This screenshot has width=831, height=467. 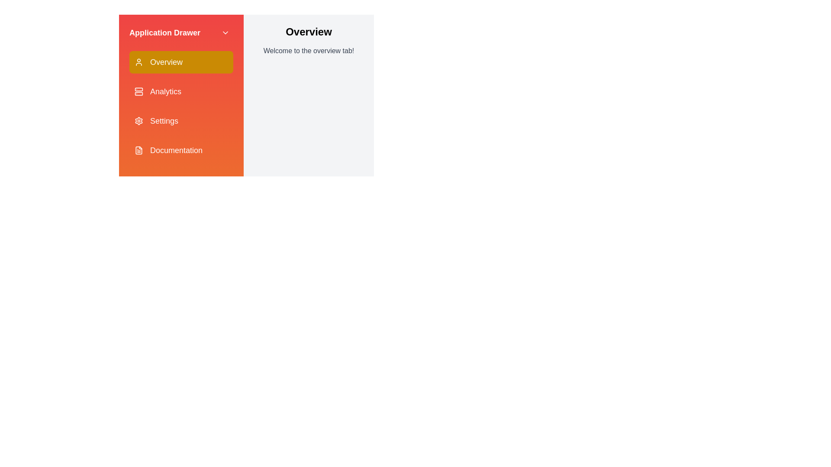 I want to click on the tab labeled Settings in the drawer to select it, so click(x=180, y=121).